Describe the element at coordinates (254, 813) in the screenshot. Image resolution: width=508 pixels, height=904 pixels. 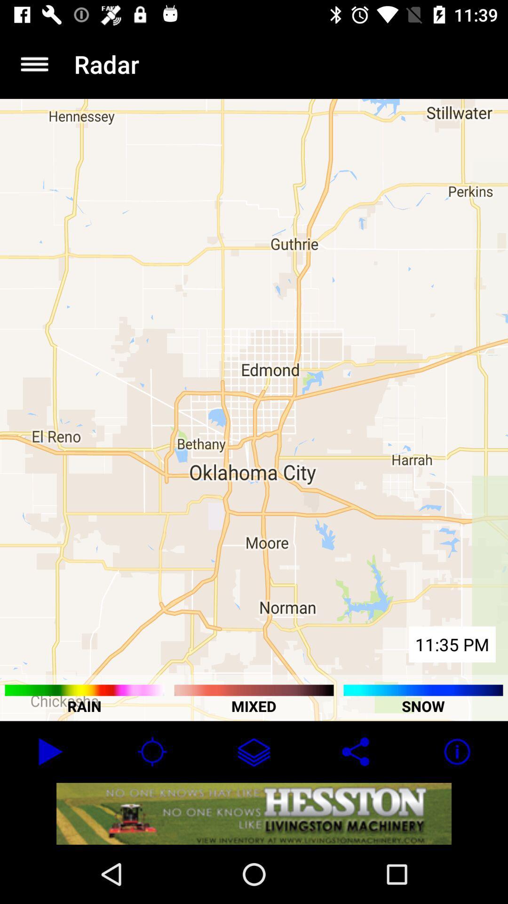
I see `advertisement` at that location.